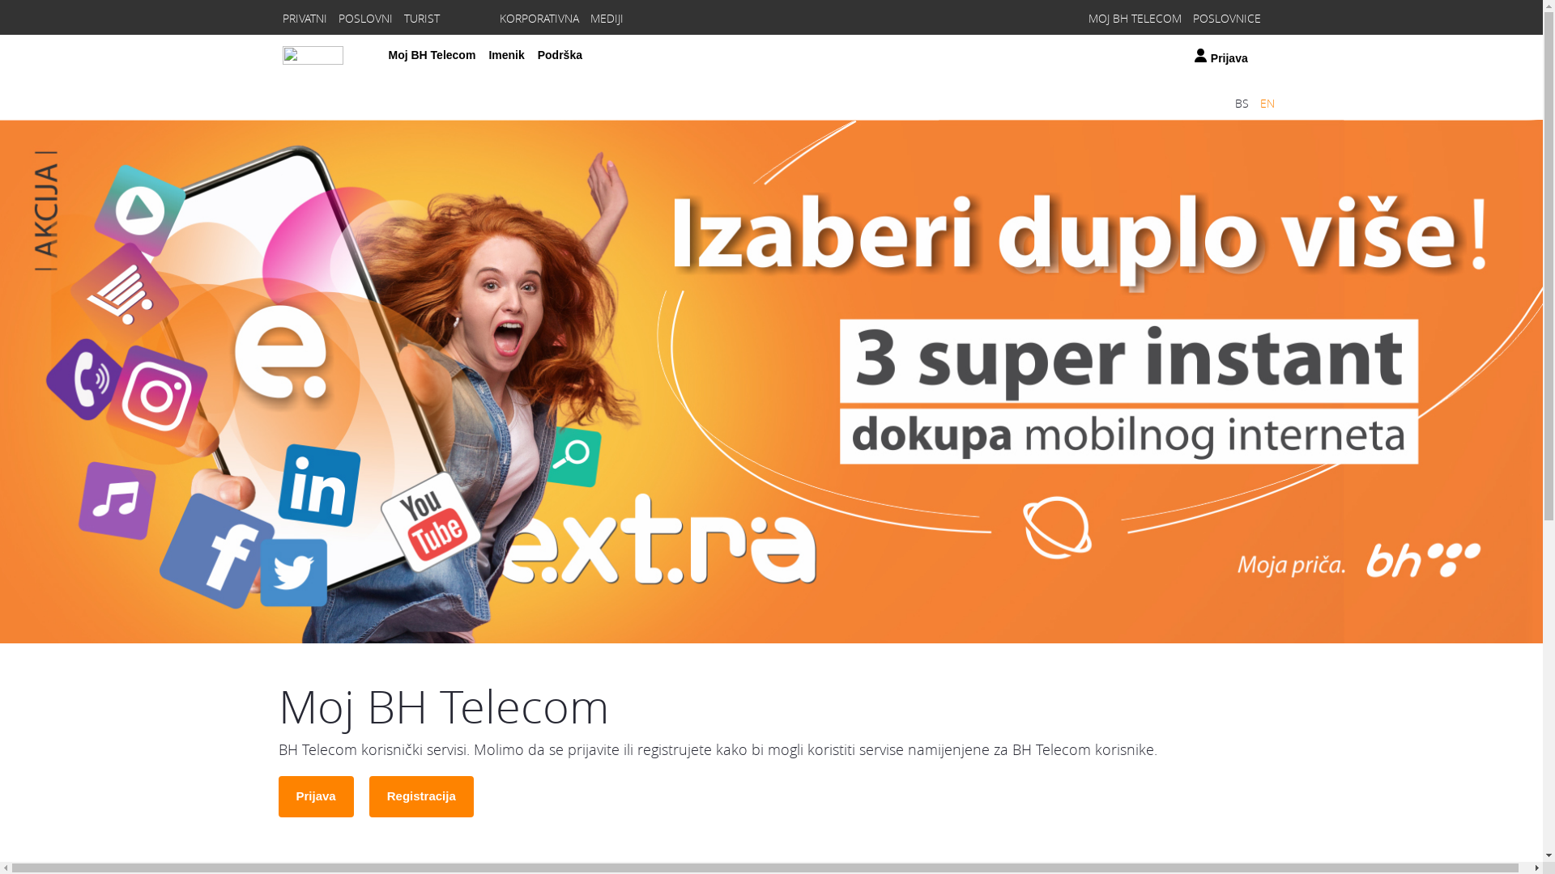 The image size is (1555, 874). Describe the element at coordinates (281, 18) in the screenshot. I see `'PRIVATNI'` at that location.